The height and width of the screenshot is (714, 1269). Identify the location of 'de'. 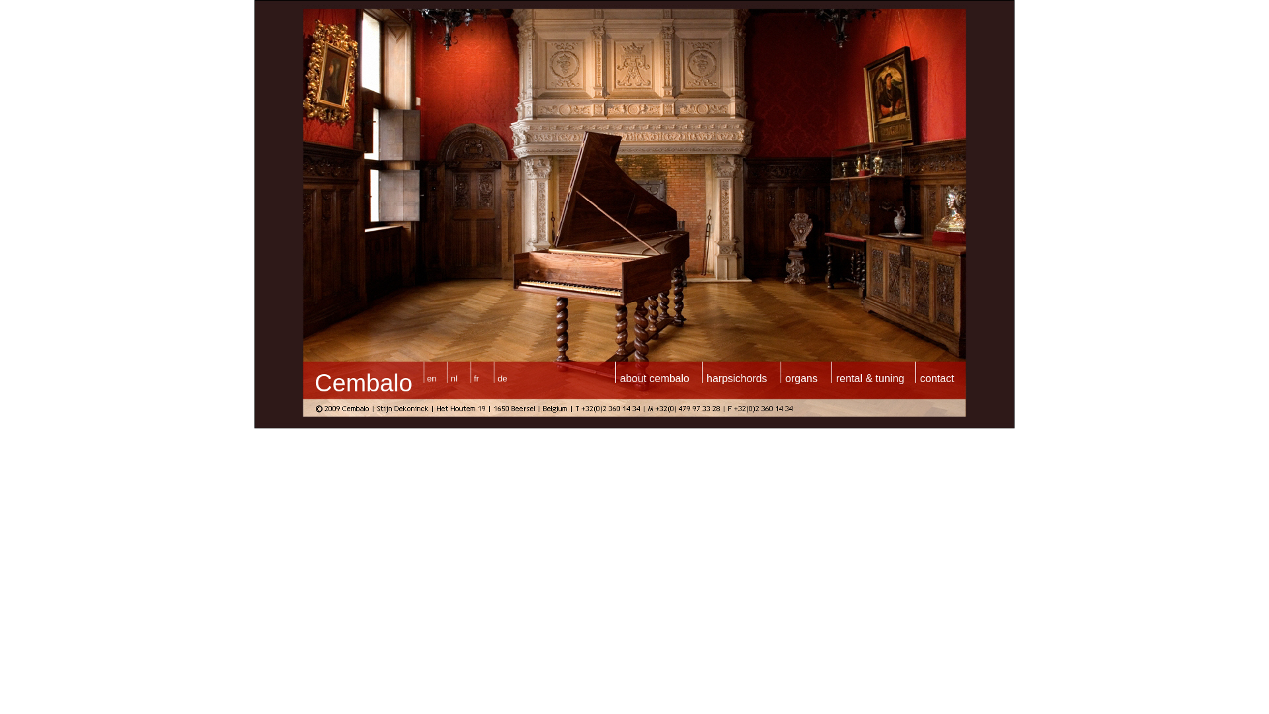
(501, 378).